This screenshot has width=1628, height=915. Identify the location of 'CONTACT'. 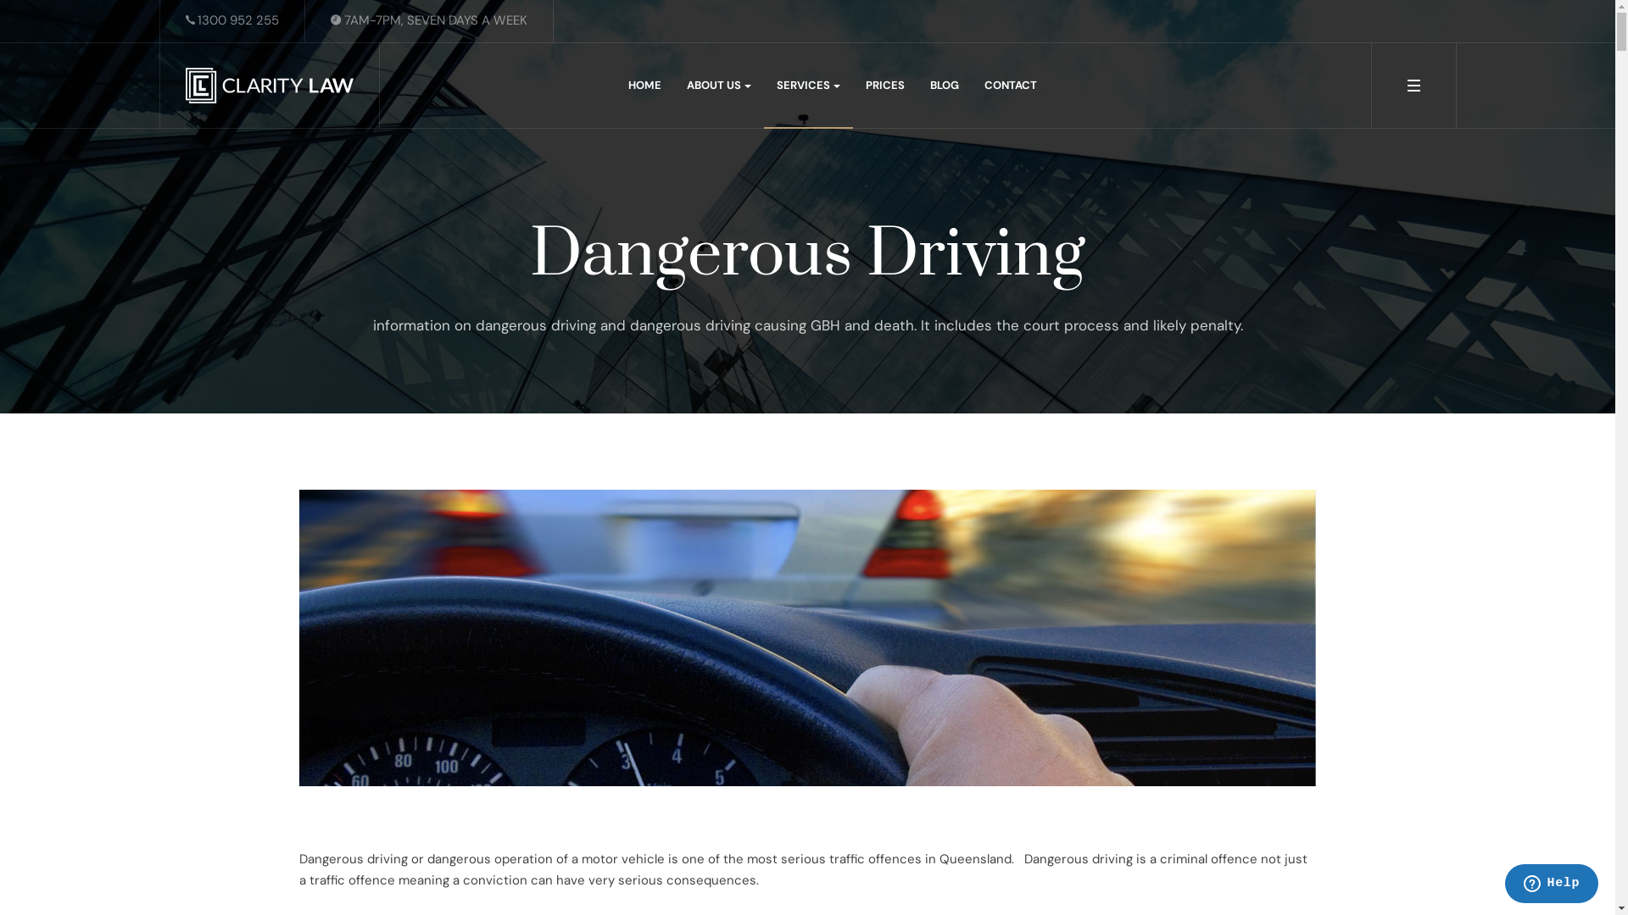
(972, 85).